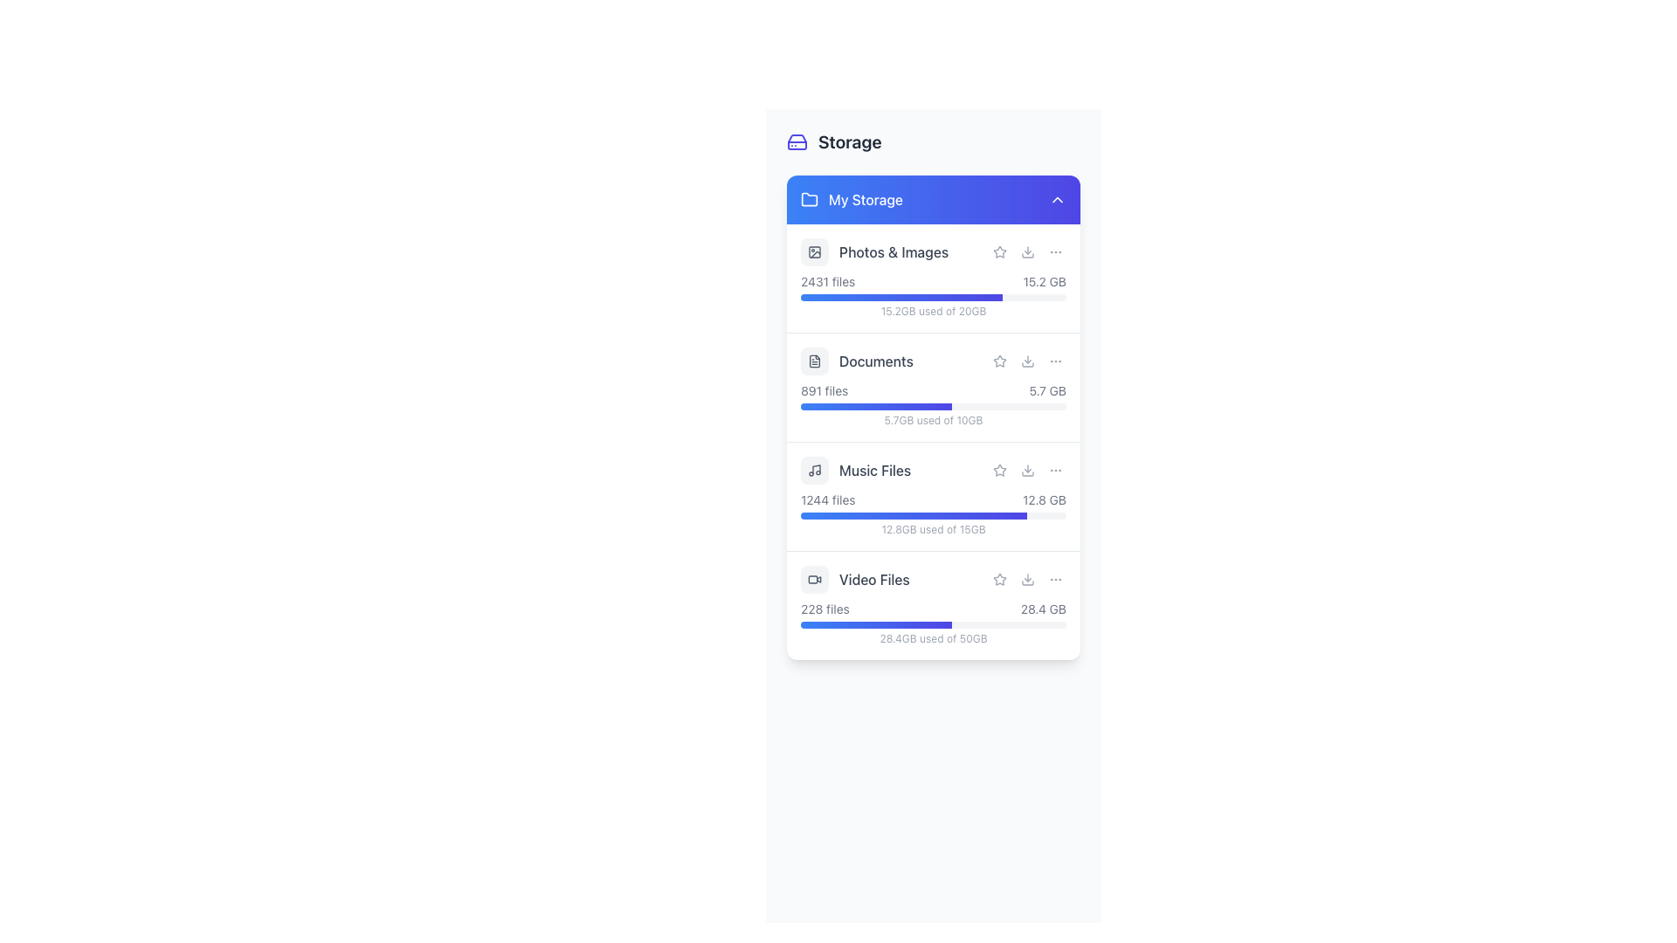 The width and height of the screenshot is (1677, 943). I want to click on the download icon for the 'Video Files' category, which is the second icon in the rightmost group, located between a star-shaped icon and a menu with three dots, to initiate the download, so click(1027, 579).